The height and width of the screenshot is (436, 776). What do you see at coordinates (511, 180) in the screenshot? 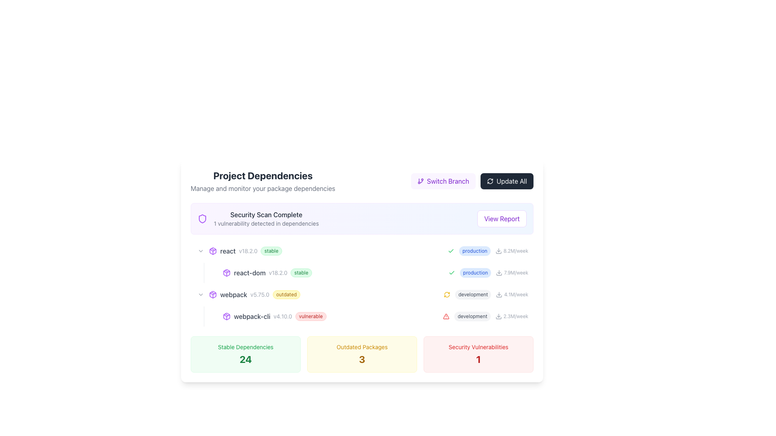
I see `the Text label located at the far right corner of the top bar` at bounding box center [511, 180].